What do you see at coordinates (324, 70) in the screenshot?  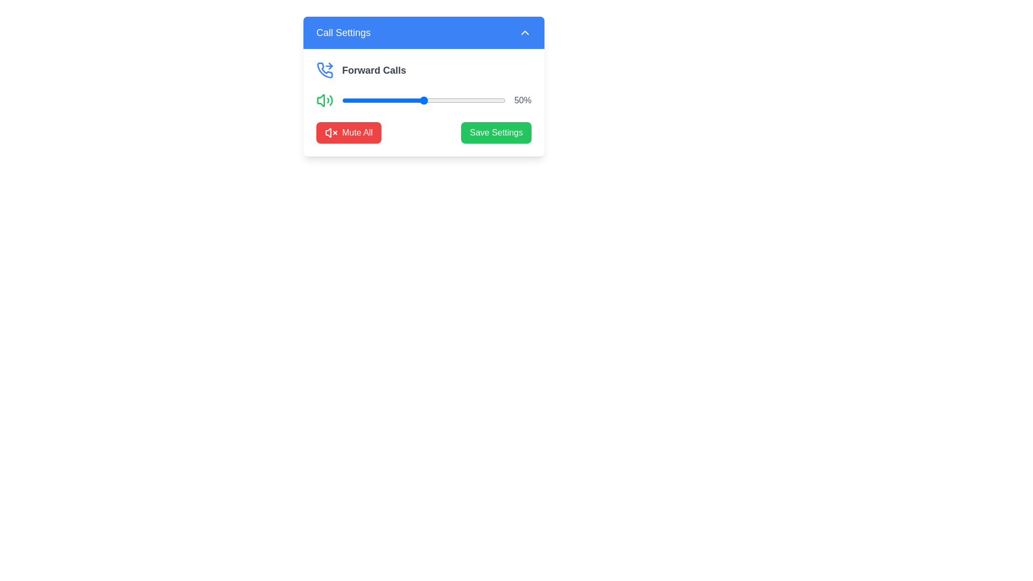 I see `the telephone receiver icon with a forward arrow located in the Call Settings panel next to 'Forward Calls'` at bounding box center [324, 70].